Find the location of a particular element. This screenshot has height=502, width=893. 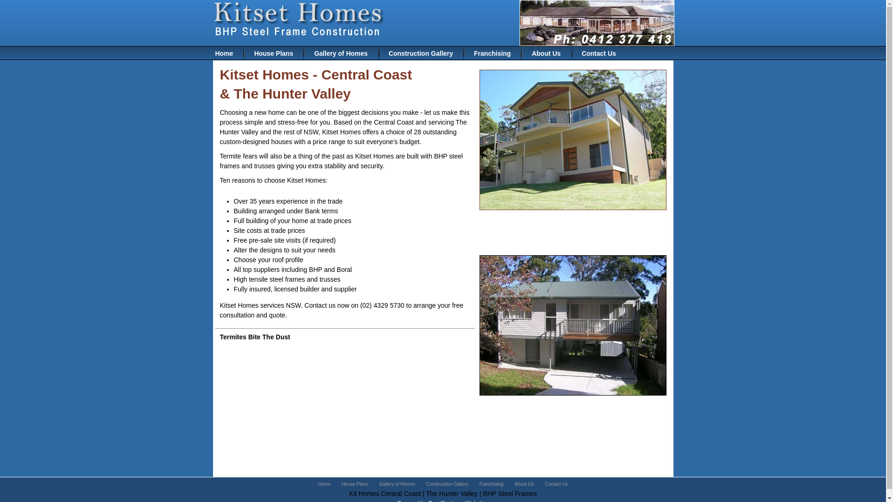

'Gallery of Homes' is located at coordinates (341, 53).